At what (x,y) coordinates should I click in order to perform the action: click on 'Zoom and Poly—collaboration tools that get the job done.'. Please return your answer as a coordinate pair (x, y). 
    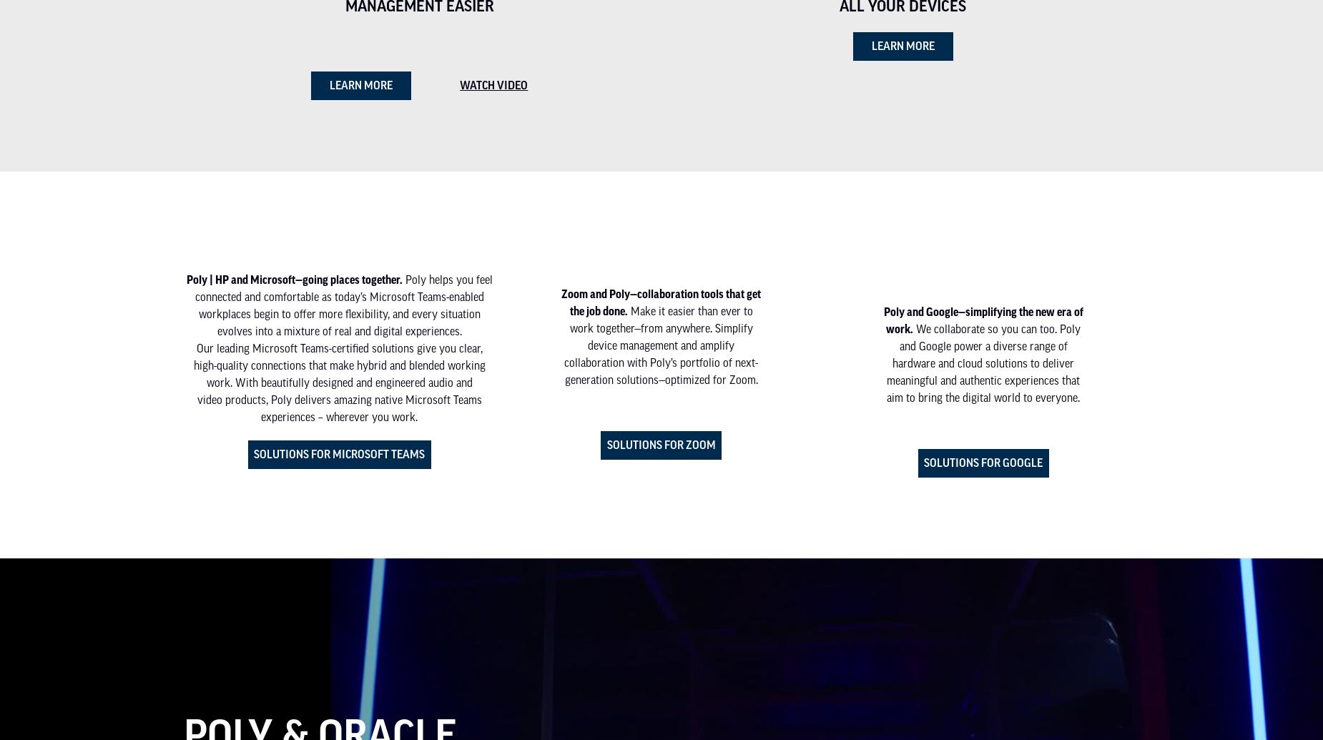
    Looking at the image, I should click on (661, 302).